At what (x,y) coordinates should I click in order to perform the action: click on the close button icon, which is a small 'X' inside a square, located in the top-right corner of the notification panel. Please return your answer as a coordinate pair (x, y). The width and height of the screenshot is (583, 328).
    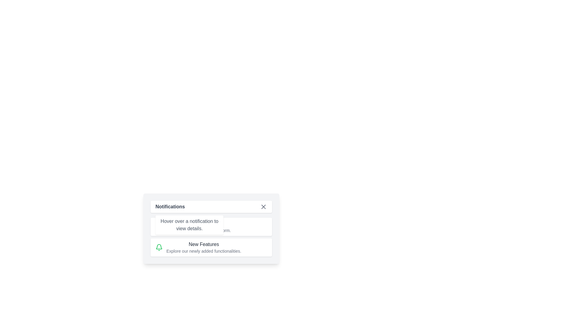
    Looking at the image, I should click on (264, 207).